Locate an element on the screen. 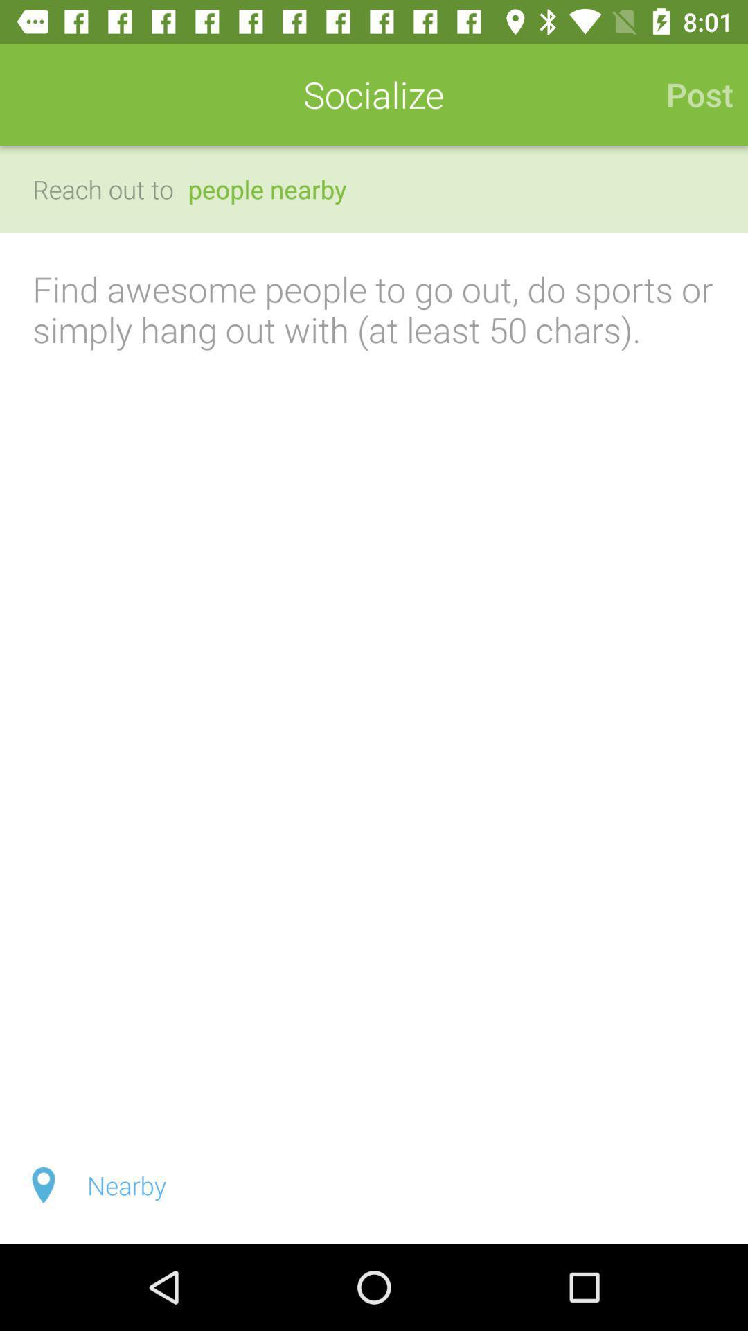 The image size is (748, 1331). the post is located at coordinates (692, 94).